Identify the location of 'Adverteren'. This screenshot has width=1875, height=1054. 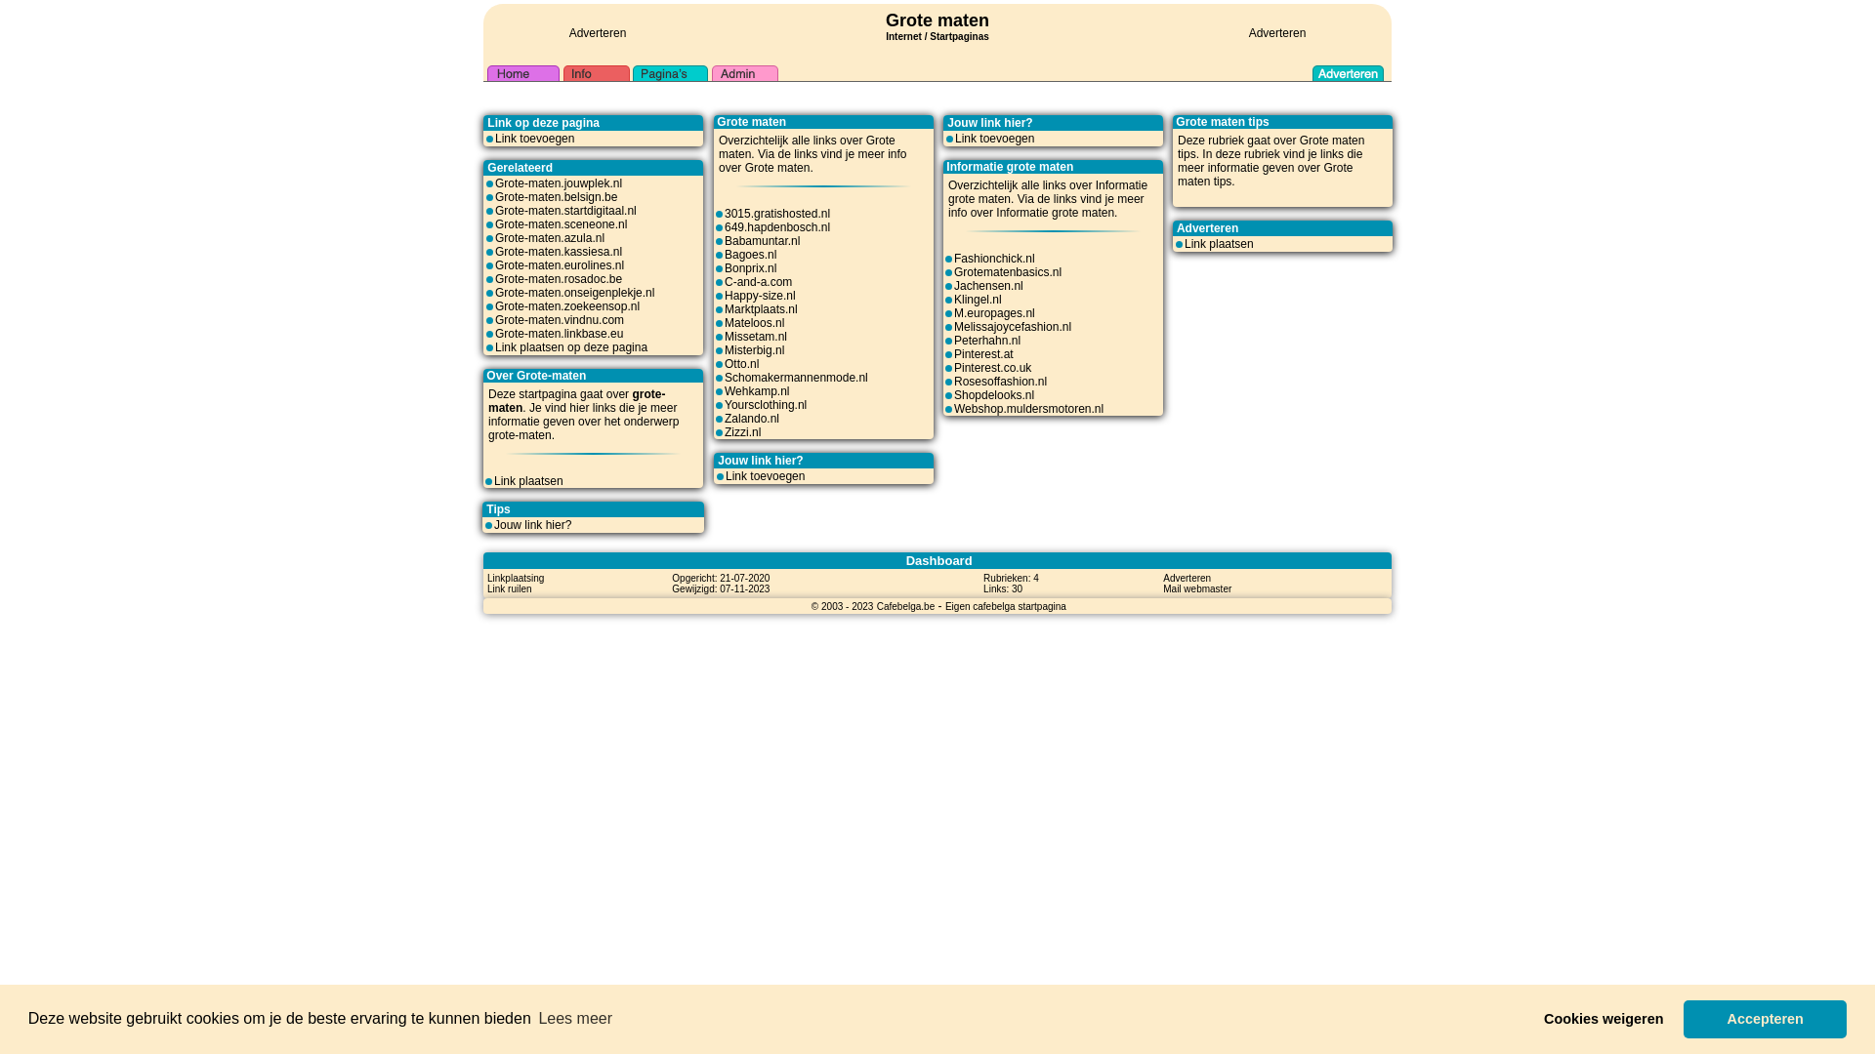
(597, 33).